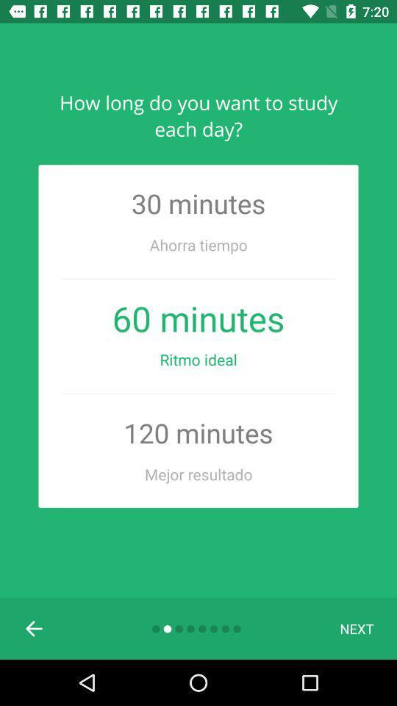  Describe the element at coordinates (35, 627) in the screenshot. I see `previous slide` at that location.